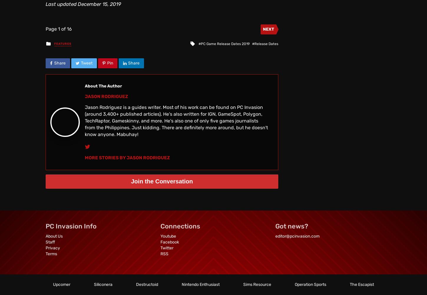  What do you see at coordinates (58, 29) in the screenshot?
I see `'Page 1 of 16'` at bounding box center [58, 29].